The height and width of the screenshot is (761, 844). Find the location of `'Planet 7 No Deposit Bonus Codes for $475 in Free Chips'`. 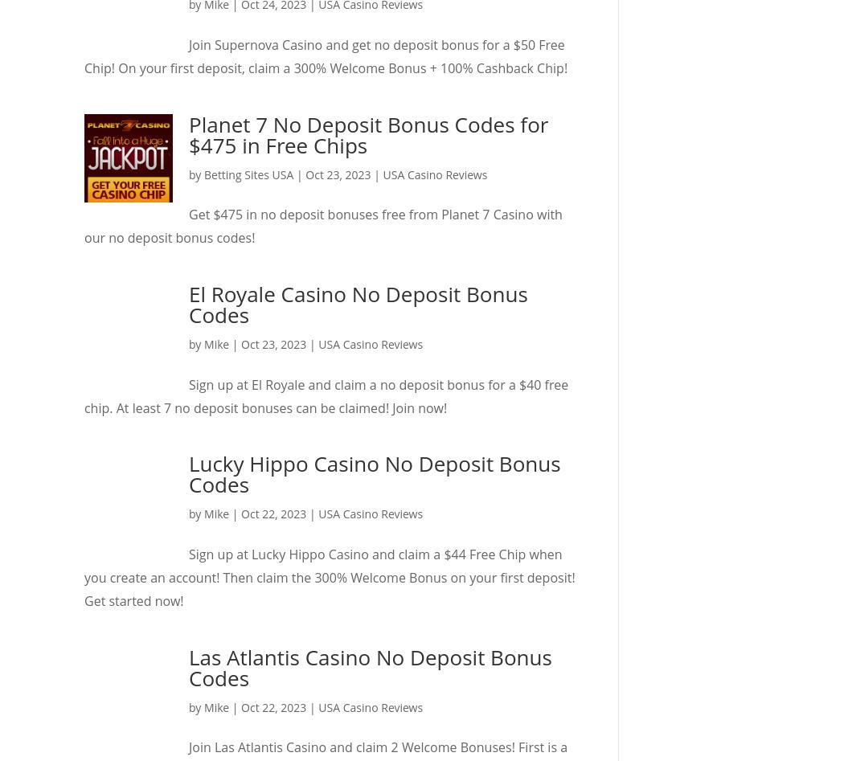

'Planet 7 No Deposit Bonus Codes for $475 in Free Chips' is located at coordinates (188, 133).